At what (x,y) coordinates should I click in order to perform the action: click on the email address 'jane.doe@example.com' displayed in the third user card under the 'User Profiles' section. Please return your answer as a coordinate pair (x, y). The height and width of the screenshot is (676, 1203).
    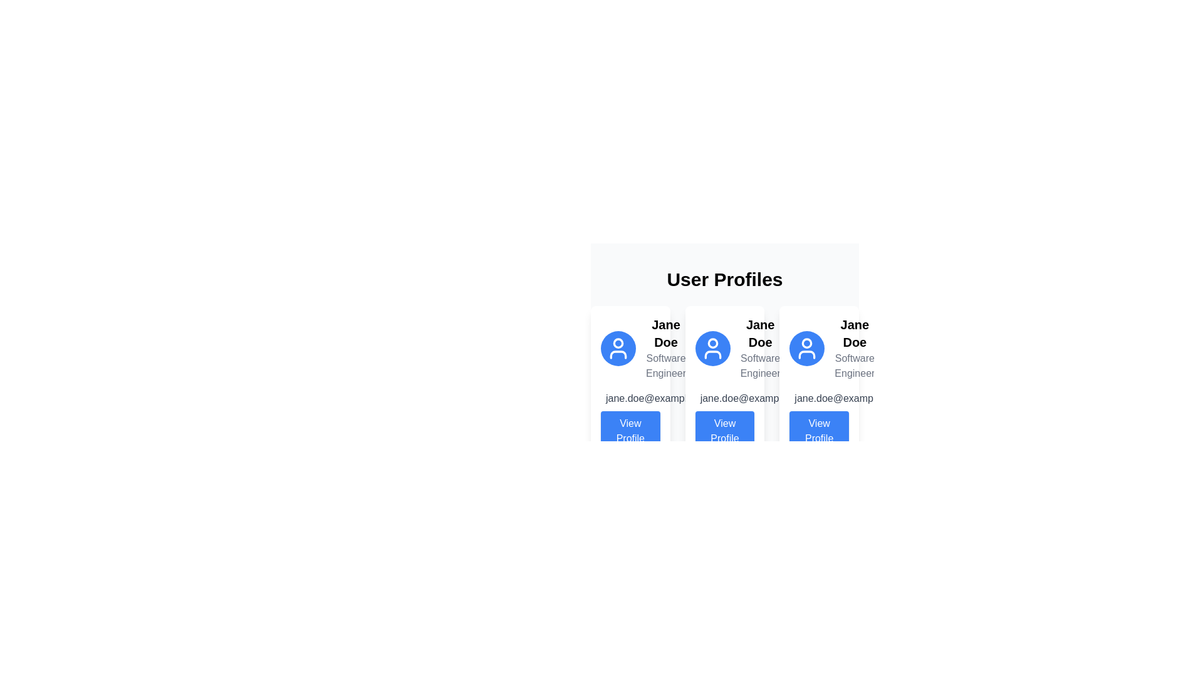
    Looking at the image, I should click on (819, 398).